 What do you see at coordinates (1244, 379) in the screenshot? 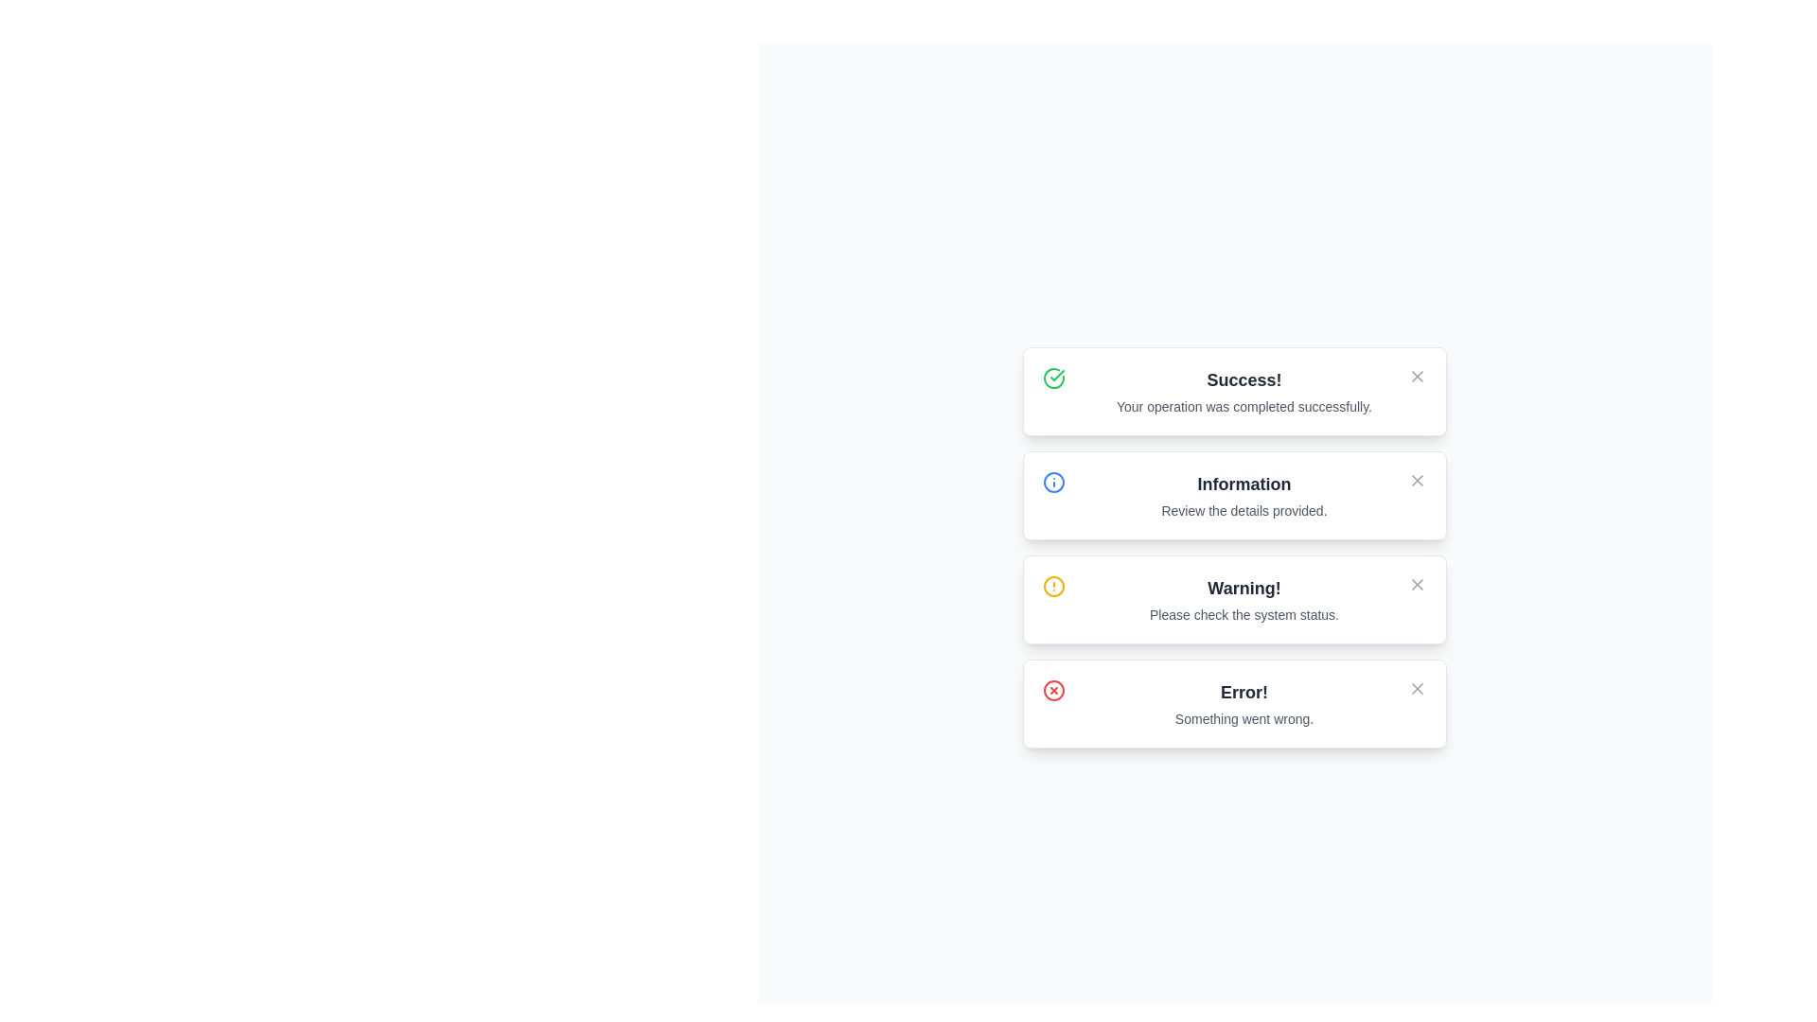
I see `the text component displaying 'Success!' in a bold, larger font style, located at the top of the notification box` at bounding box center [1244, 379].